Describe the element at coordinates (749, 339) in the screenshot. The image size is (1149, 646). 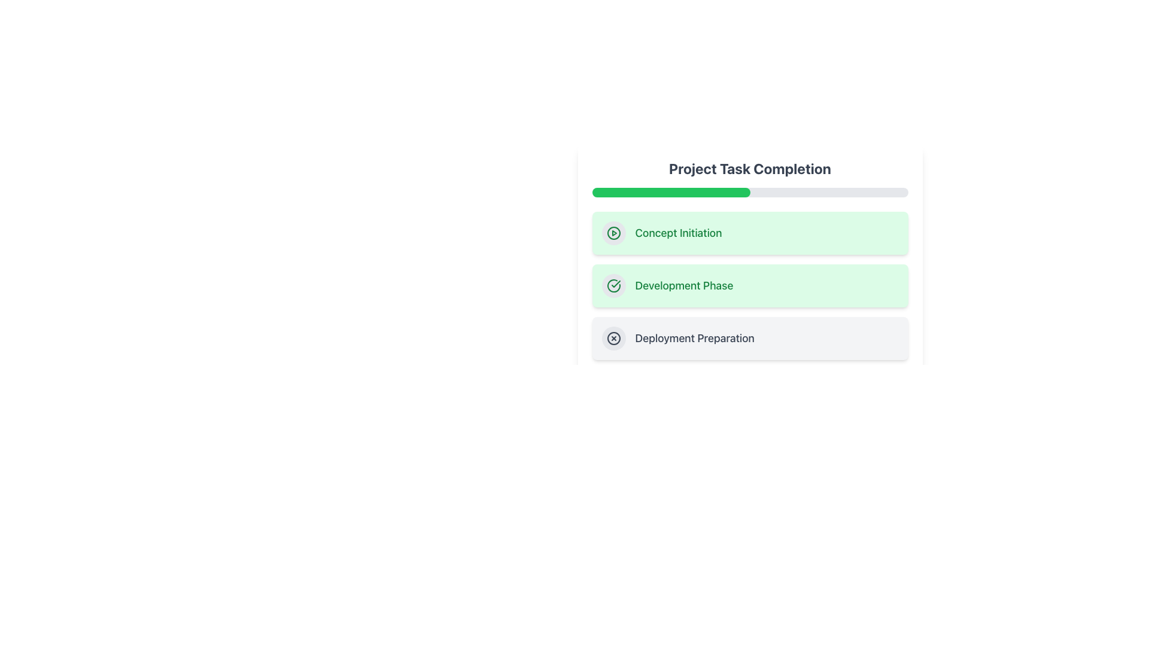
I see `the third item card in the vertical list titled 'Deployment Preparation', which features an 'X' mark icon and a bold text label, located between 'Development Phase' and 'Final Delivery'` at that location.